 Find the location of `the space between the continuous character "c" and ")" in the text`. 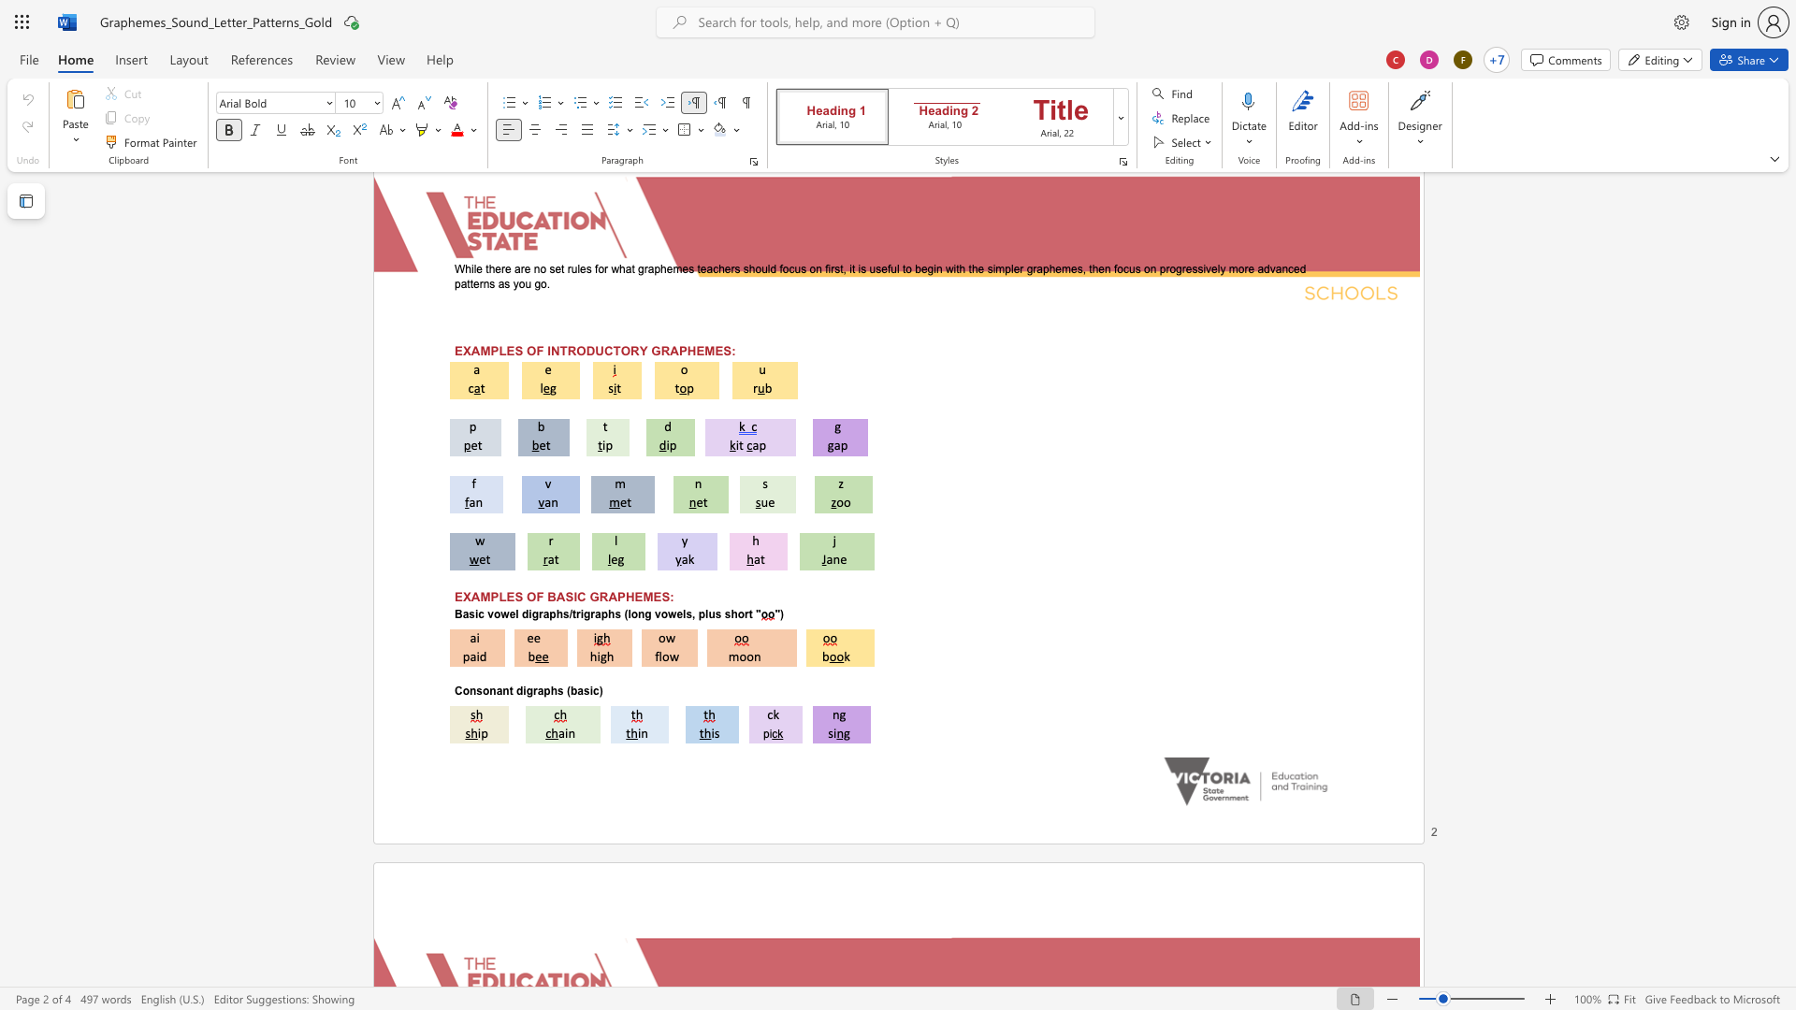

the space between the continuous character "c" and ")" in the text is located at coordinates (597, 691).